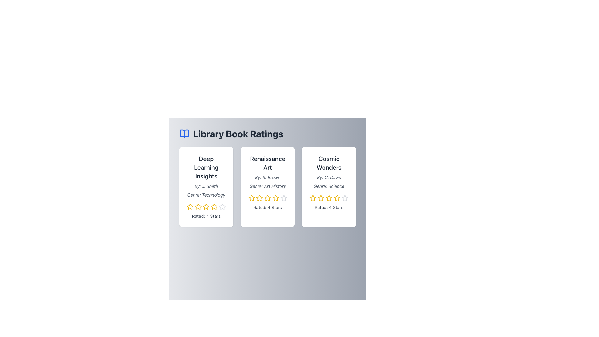 This screenshot has height=337, width=599. What do you see at coordinates (190, 207) in the screenshot?
I see `the first yellow star-shaped rating icon in the rating row for 'Deep Learning Insights'` at bounding box center [190, 207].